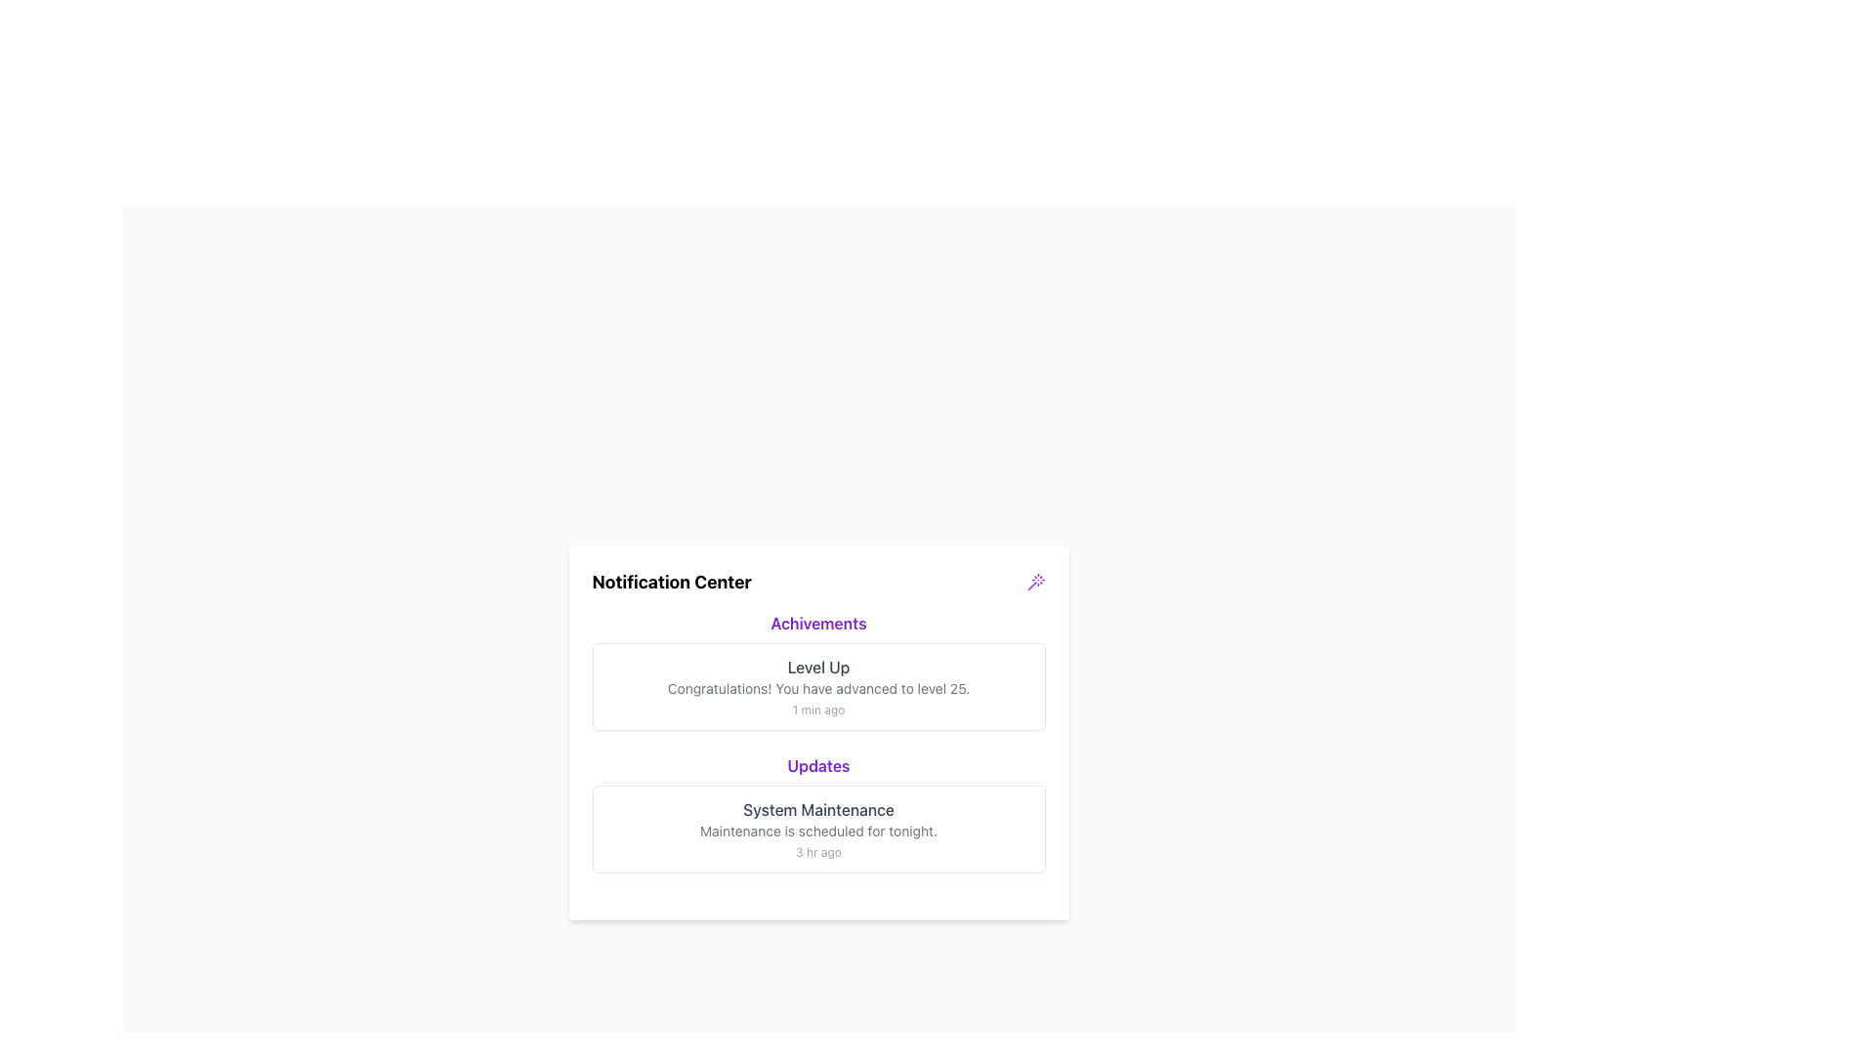 The width and height of the screenshot is (1875, 1054). What do you see at coordinates (672, 582) in the screenshot?
I see `the bold and large text 'Notification Center' located in the top-left area of the notification panel` at bounding box center [672, 582].